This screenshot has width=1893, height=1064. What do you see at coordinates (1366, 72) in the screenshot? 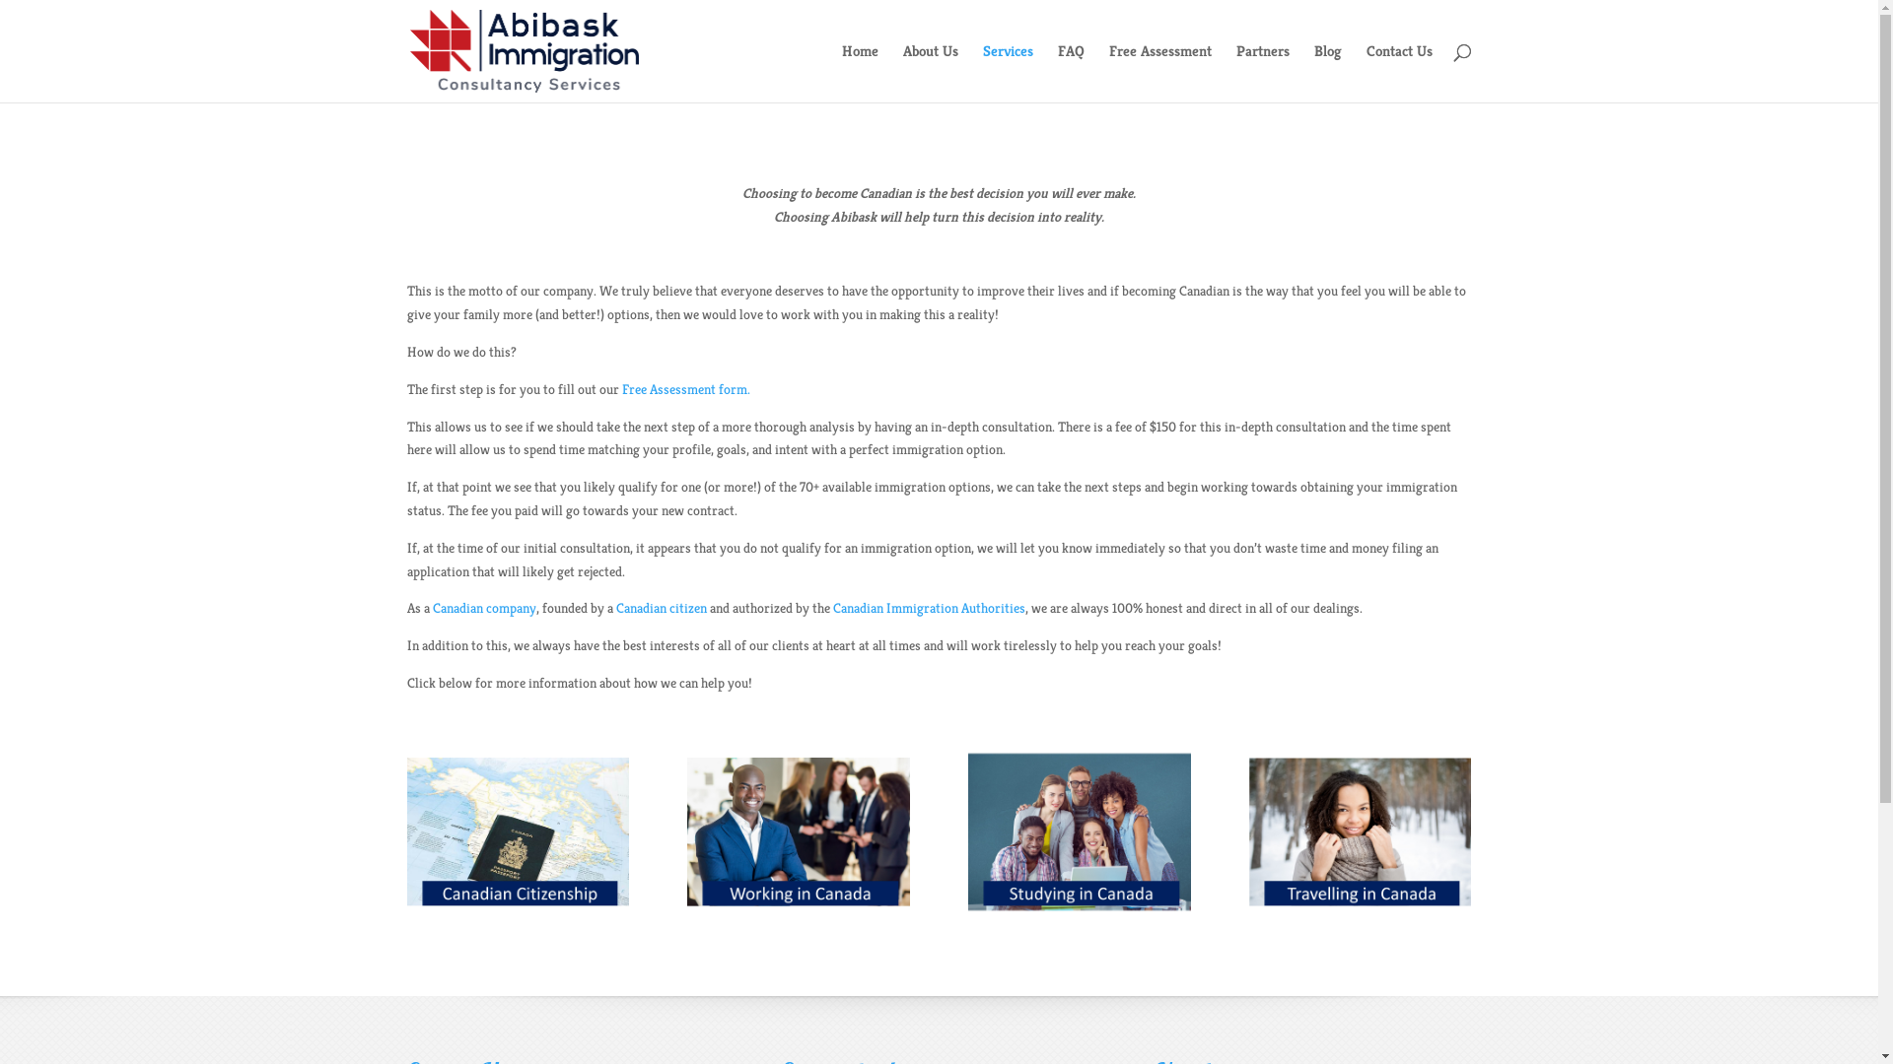
I see `'Contact Us'` at bounding box center [1366, 72].